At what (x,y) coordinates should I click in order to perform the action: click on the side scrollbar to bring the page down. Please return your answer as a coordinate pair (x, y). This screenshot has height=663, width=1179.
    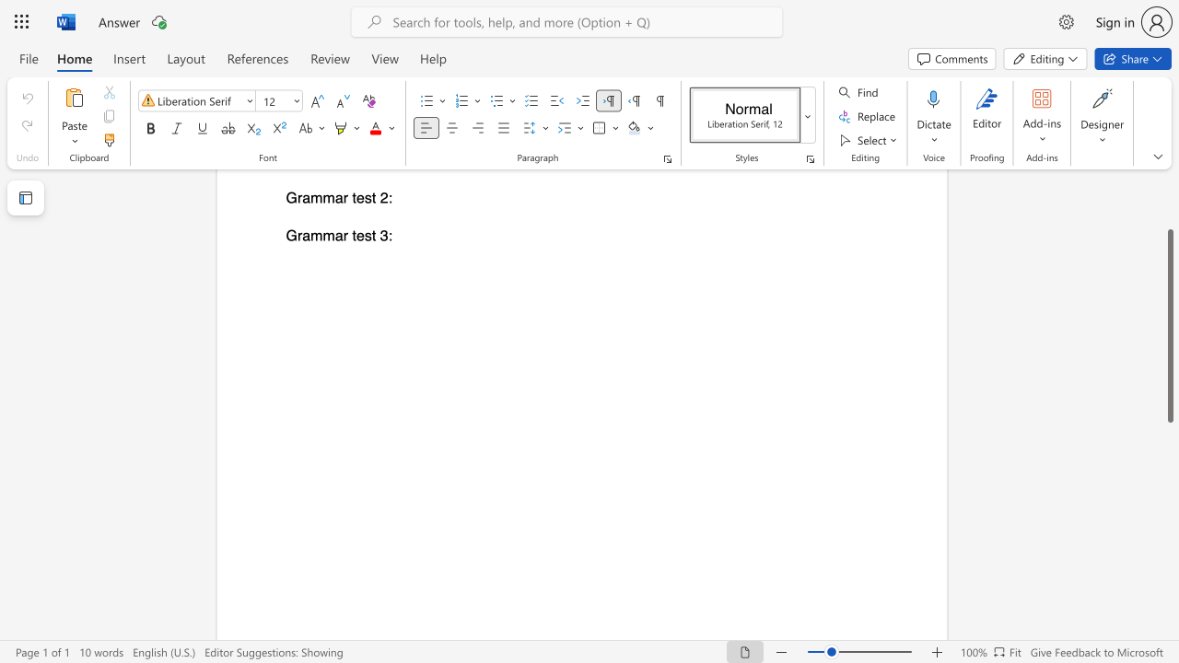
    Looking at the image, I should click on (1169, 451).